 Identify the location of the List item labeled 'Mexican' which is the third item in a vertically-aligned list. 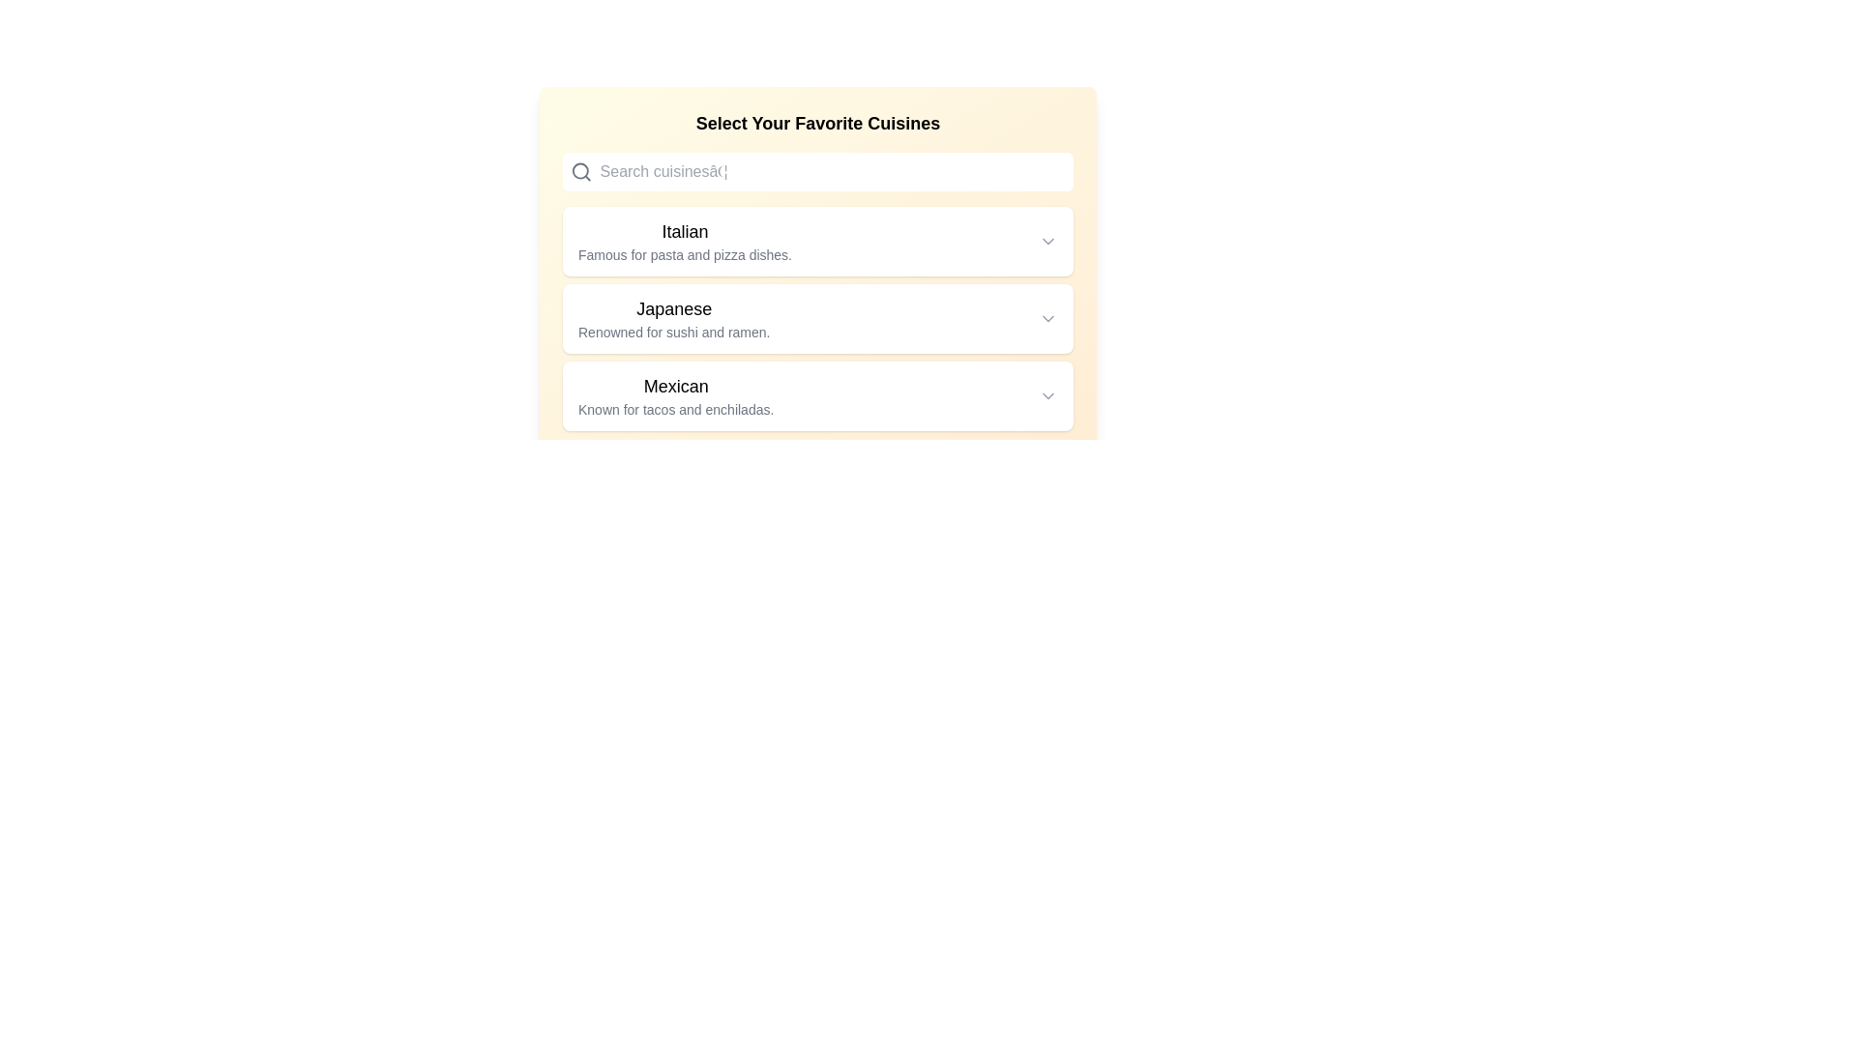
(817, 394).